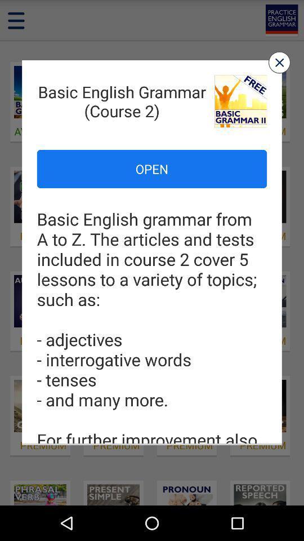  I want to click on pop up box, so click(279, 63).